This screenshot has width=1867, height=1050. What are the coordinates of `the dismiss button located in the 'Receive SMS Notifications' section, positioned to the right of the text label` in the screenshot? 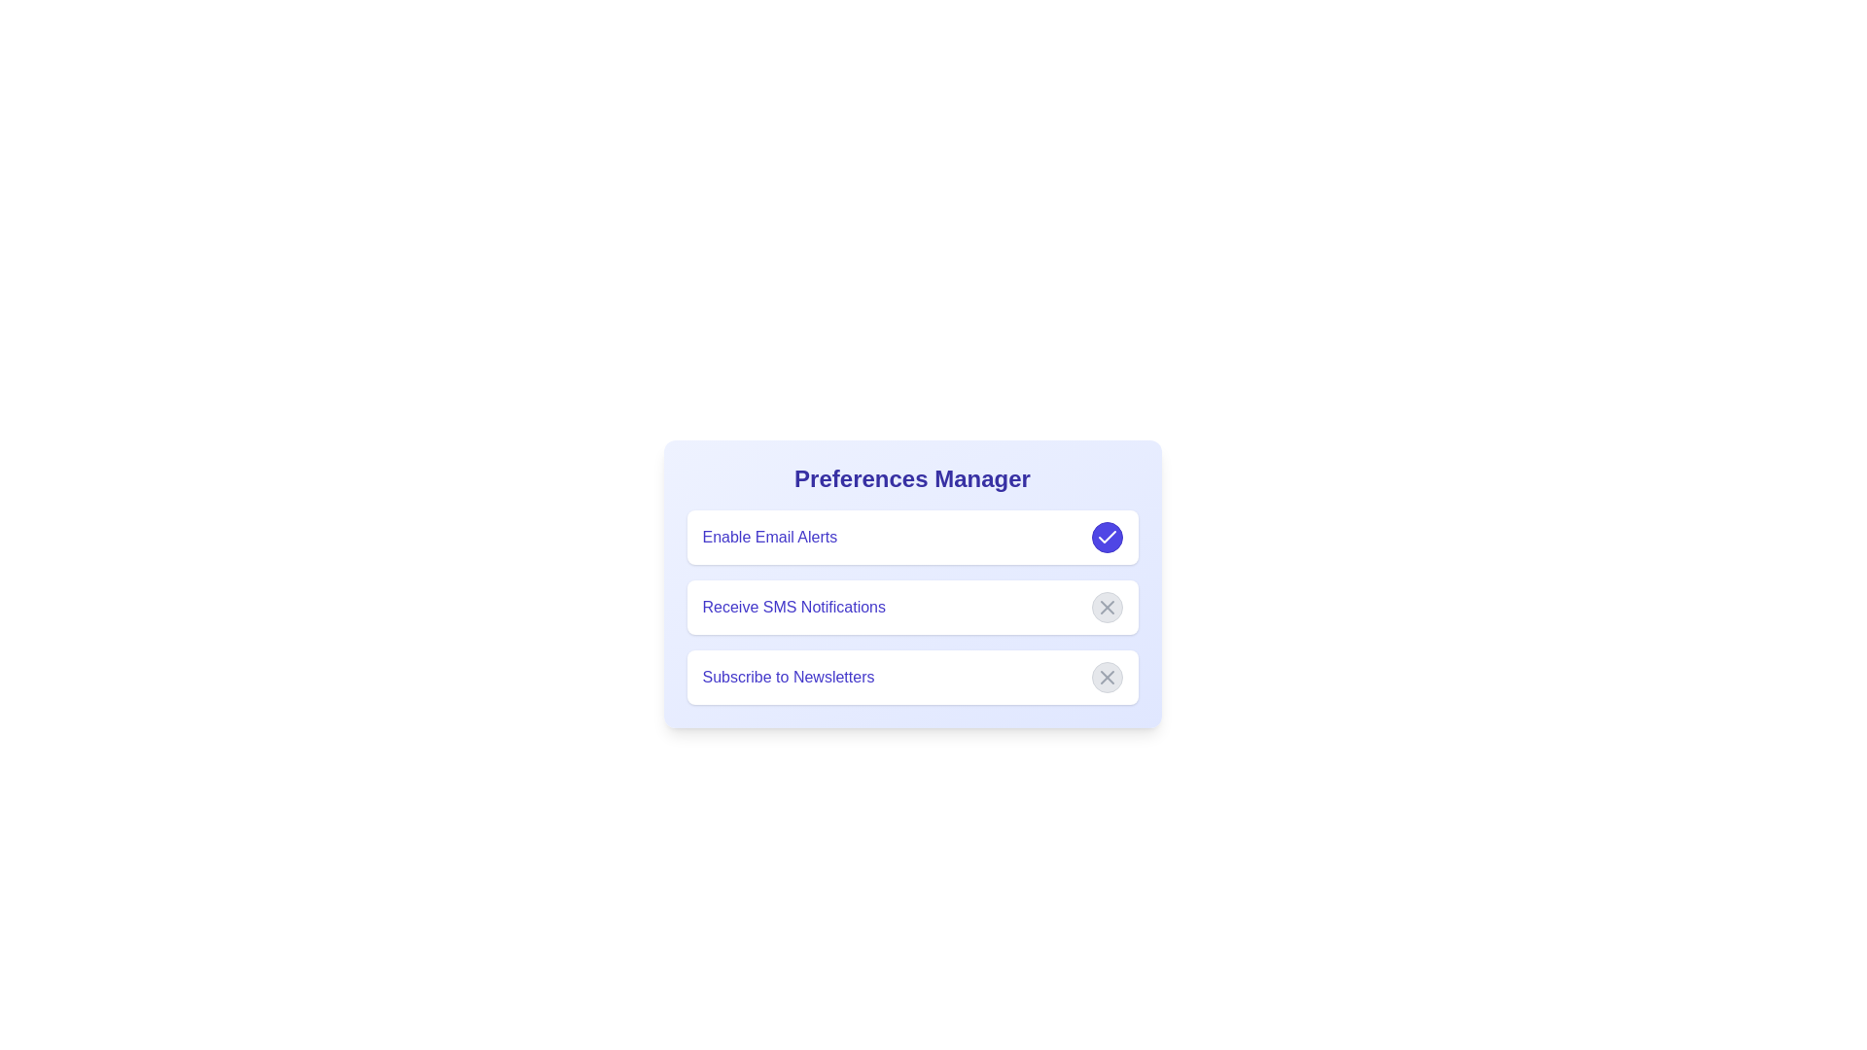 It's located at (1107, 606).